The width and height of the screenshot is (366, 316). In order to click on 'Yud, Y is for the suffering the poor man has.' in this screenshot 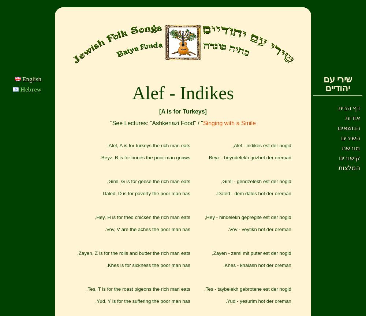, I will do `click(142, 301)`.